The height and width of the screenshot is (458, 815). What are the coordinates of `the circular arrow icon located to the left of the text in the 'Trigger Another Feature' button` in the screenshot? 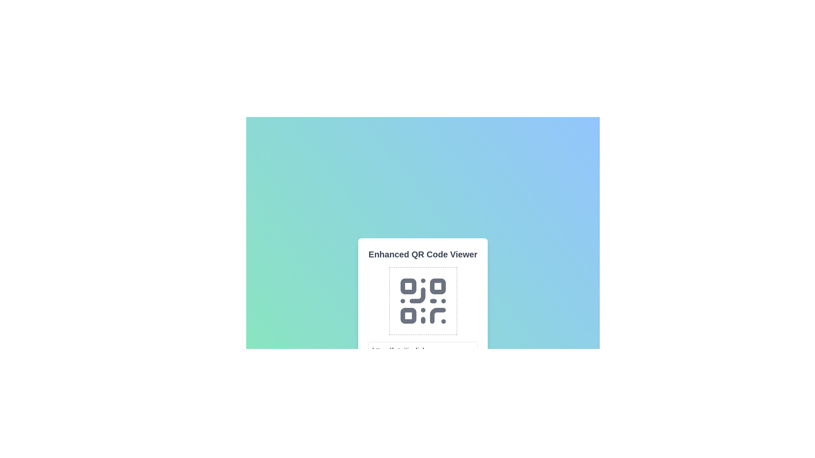 It's located at (385, 435).